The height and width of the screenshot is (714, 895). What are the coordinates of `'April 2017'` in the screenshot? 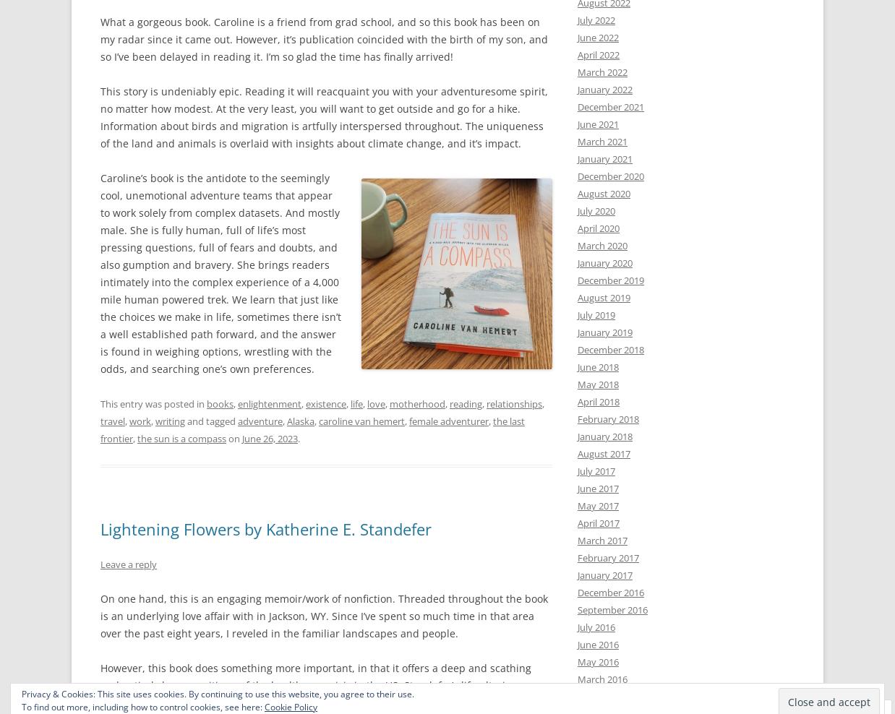 It's located at (597, 523).